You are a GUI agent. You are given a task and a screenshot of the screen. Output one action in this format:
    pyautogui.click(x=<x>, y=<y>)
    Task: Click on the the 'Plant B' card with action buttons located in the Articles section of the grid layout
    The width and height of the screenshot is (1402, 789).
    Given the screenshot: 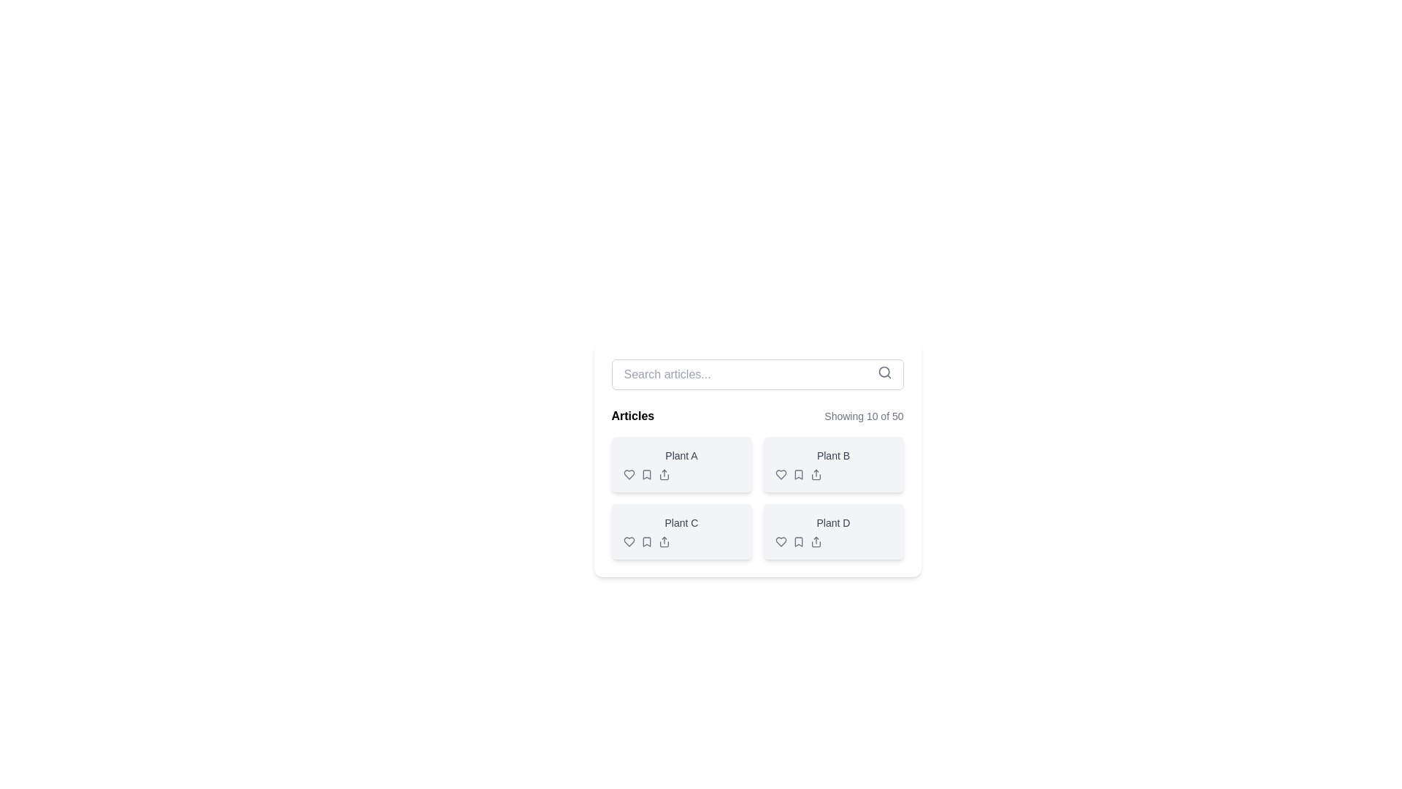 What is the action you would take?
    pyautogui.click(x=833, y=465)
    